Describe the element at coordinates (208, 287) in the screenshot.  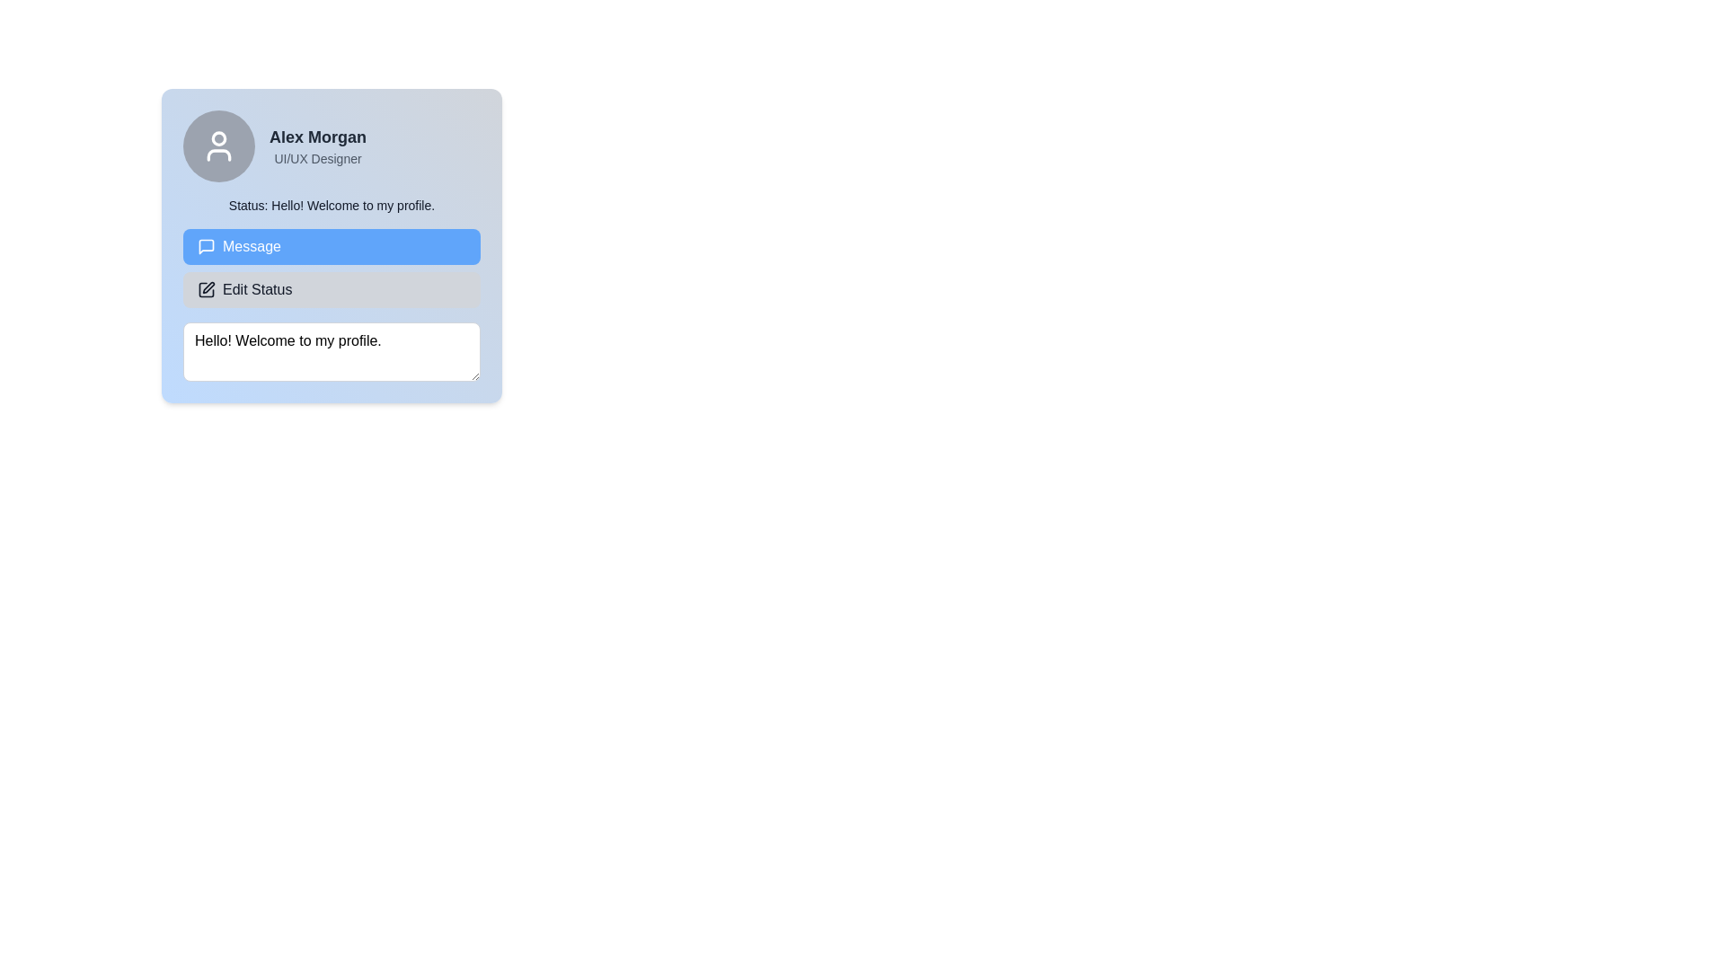
I see `the edit icon located to the left of the 'Edit Status' button` at that location.